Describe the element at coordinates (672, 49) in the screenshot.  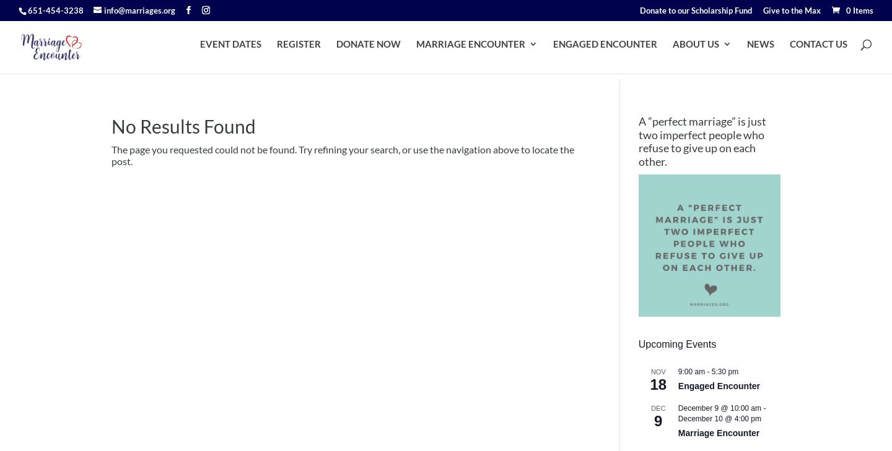
I see `'ABOUT US'` at that location.